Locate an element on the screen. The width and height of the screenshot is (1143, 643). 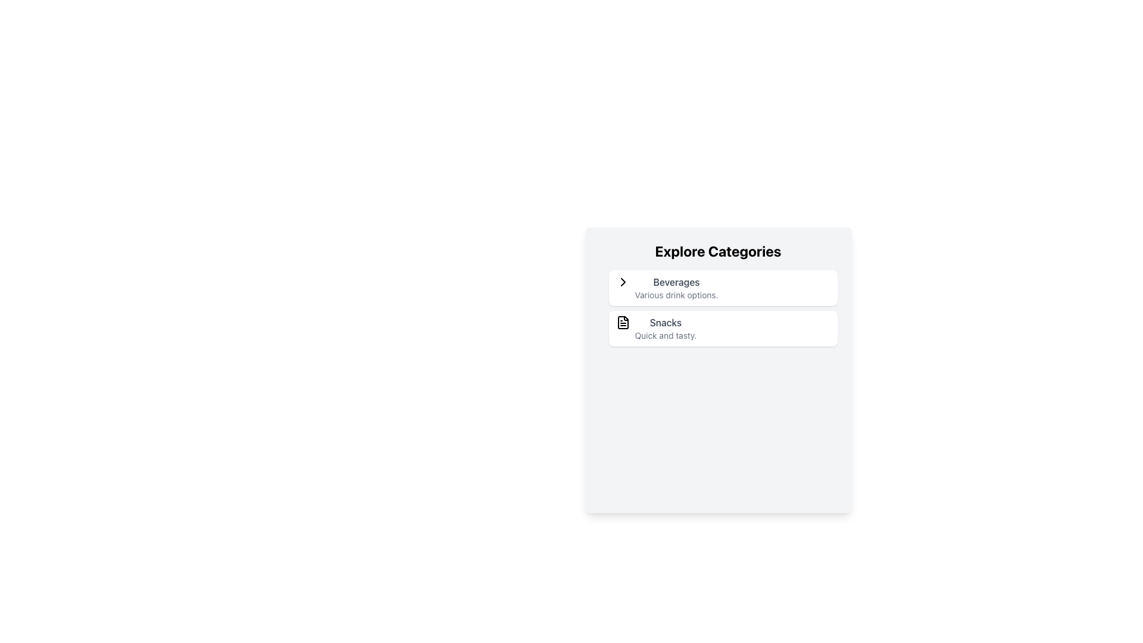
the right-facing chevron icon located to the left of the 'Beverages' text under 'Explore Categories' is located at coordinates (624, 282).